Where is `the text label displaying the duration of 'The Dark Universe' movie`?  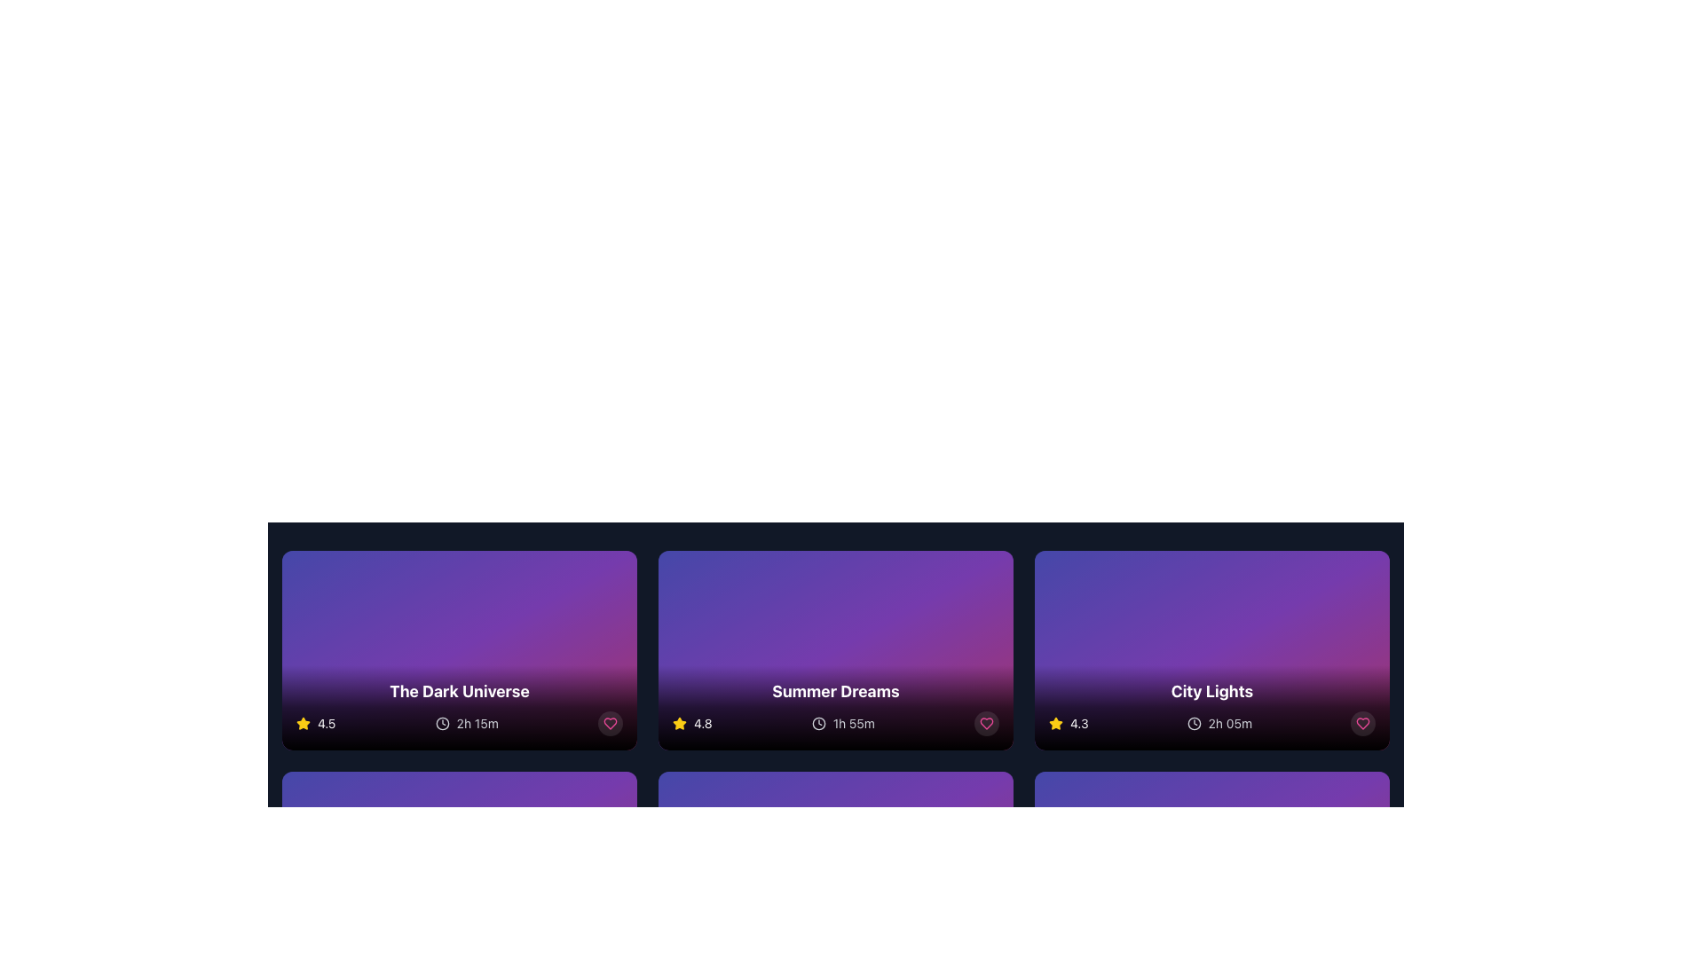 the text label displaying the duration of 'The Dark Universe' movie is located at coordinates (477, 724).